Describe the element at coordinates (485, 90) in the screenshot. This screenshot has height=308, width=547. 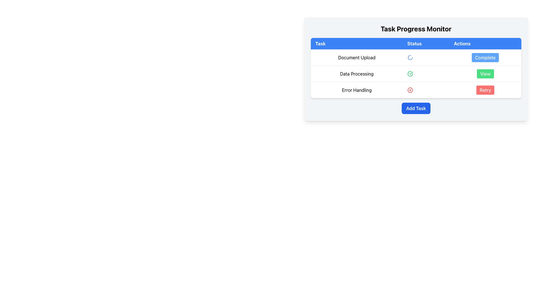
I see `the 'Retry' button with rounded corners and red background located in the 'Actions' column of the table for 'Error Handling'` at that location.